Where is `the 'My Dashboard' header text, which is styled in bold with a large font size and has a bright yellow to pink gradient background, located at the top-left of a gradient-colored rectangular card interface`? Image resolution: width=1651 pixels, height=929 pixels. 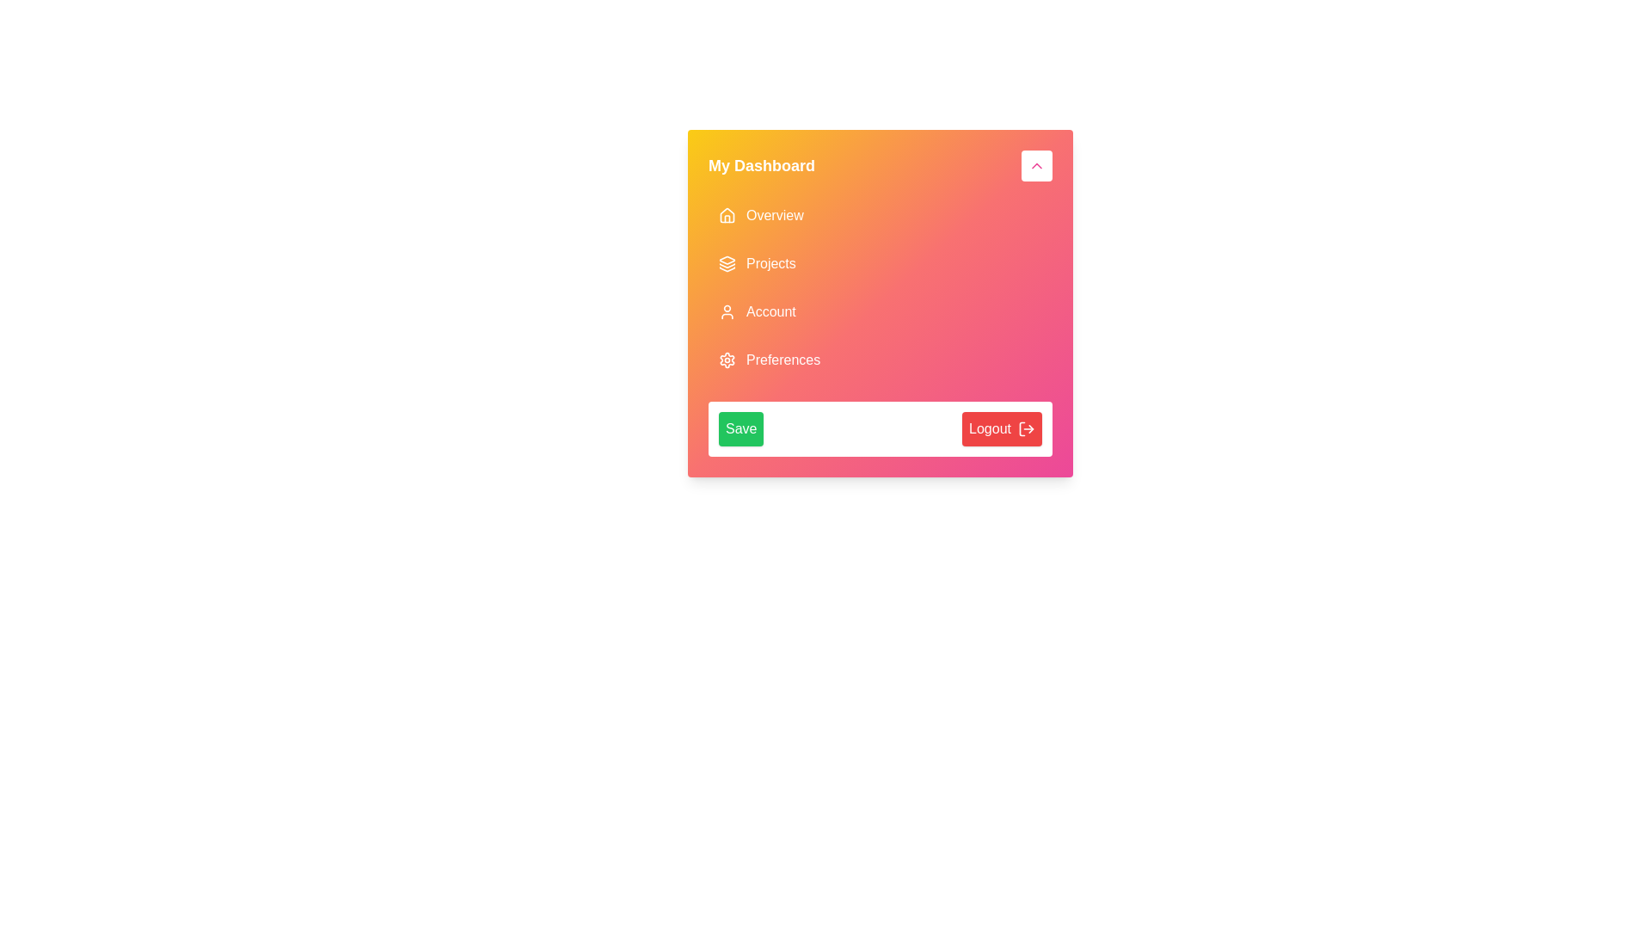 the 'My Dashboard' header text, which is styled in bold with a large font size and has a bright yellow to pink gradient background, located at the top-left of a gradient-colored rectangular card interface is located at coordinates (761, 165).